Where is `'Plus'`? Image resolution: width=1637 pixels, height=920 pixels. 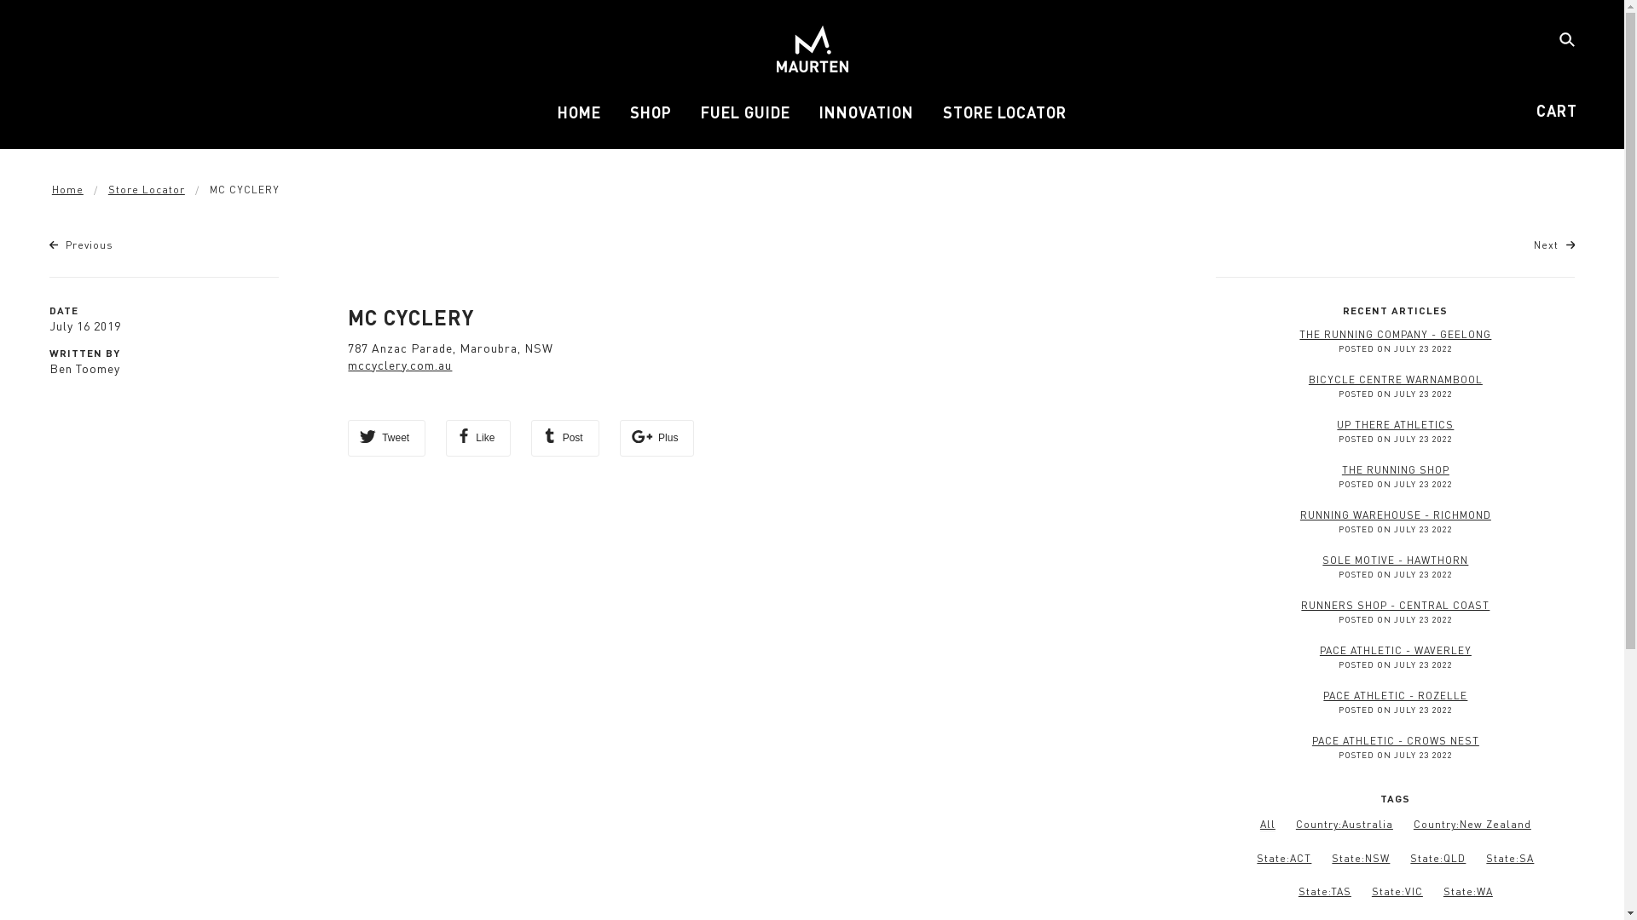 'Plus' is located at coordinates (657, 437).